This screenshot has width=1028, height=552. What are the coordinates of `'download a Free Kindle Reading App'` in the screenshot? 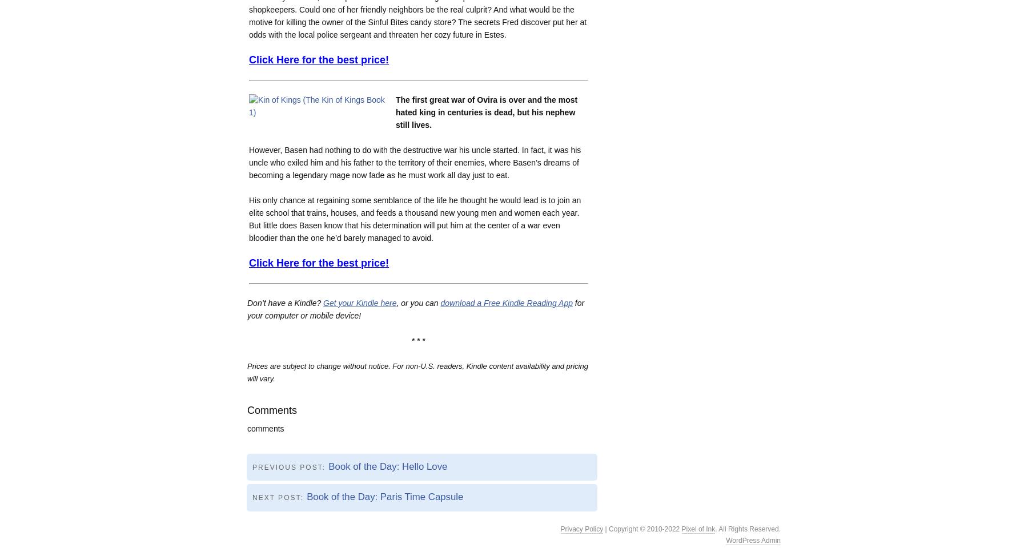 It's located at (439, 303).